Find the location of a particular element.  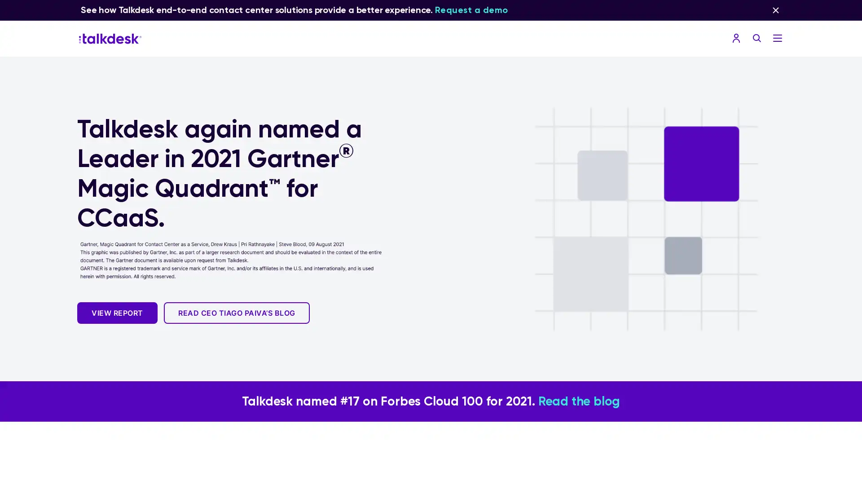

Save Settings is located at coordinates (365, 374).